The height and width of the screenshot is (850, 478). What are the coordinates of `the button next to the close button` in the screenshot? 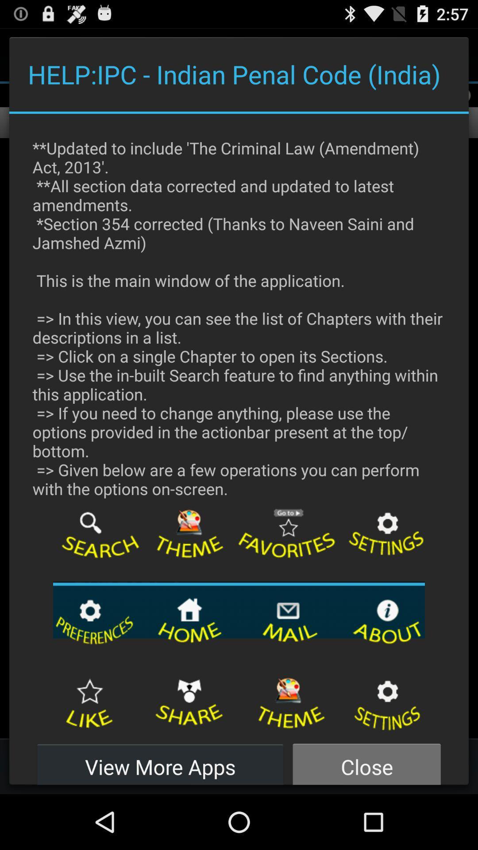 It's located at (160, 761).